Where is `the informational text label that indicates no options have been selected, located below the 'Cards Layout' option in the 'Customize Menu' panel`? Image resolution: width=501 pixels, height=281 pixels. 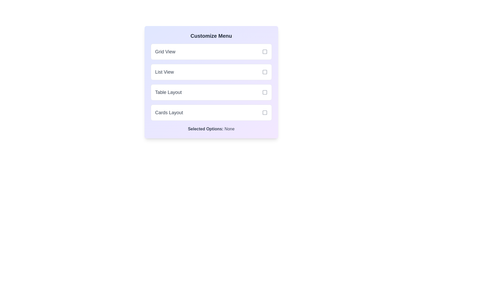
the informational text label that indicates no options have been selected, located below the 'Cards Layout' option in the 'Customize Menu' panel is located at coordinates (211, 129).